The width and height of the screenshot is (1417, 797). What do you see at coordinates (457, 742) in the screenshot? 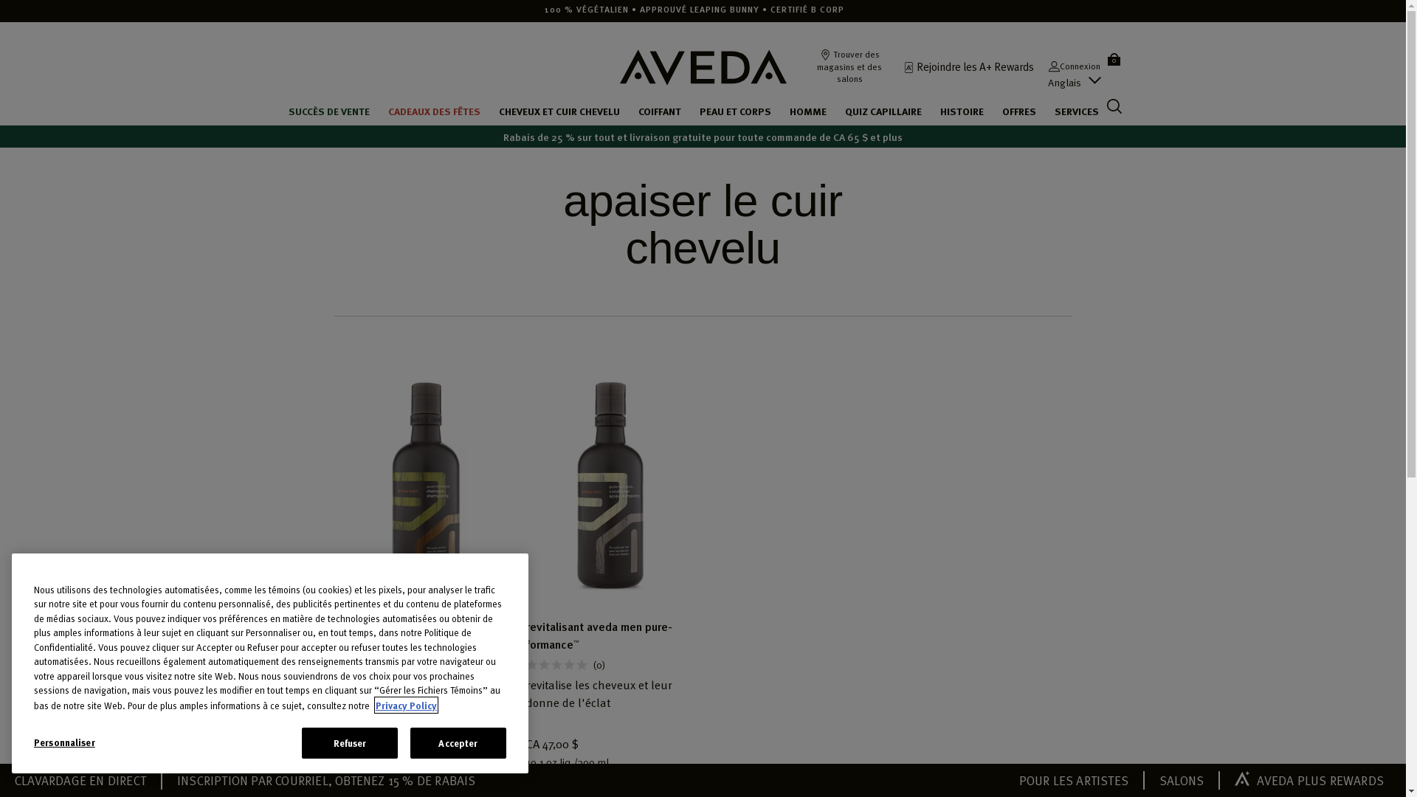
I see `'Accepter'` at bounding box center [457, 742].